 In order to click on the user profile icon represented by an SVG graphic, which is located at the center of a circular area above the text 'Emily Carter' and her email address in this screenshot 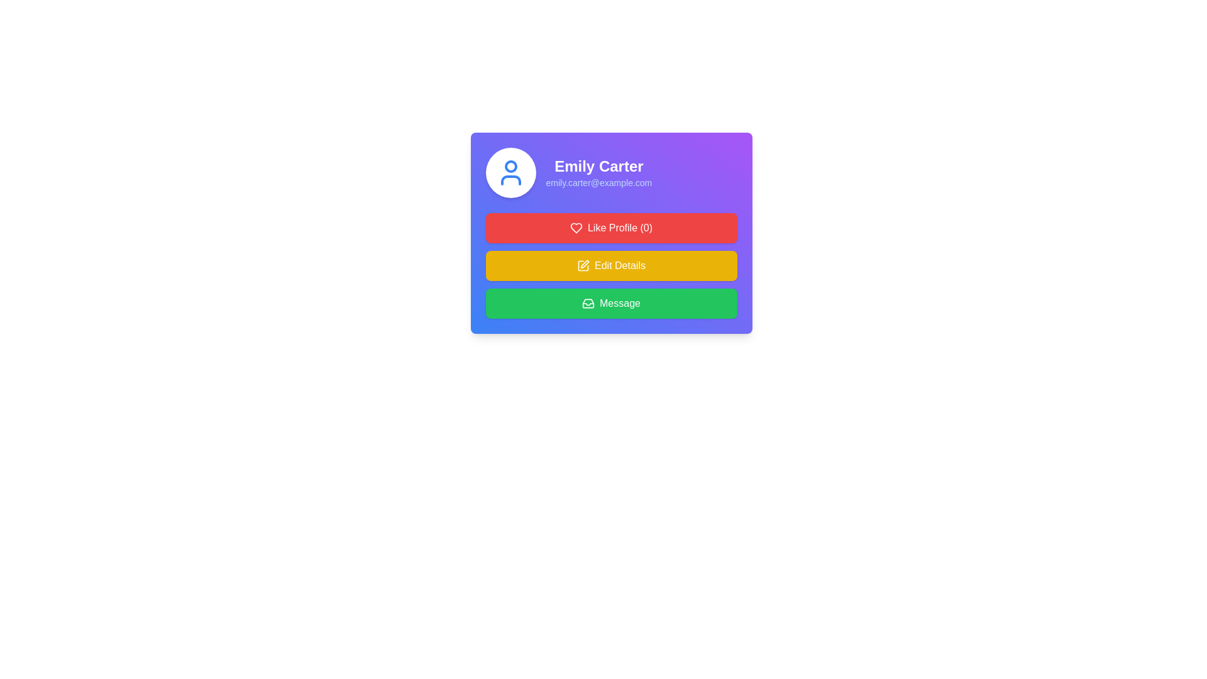, I will do `click(510, 172)`.